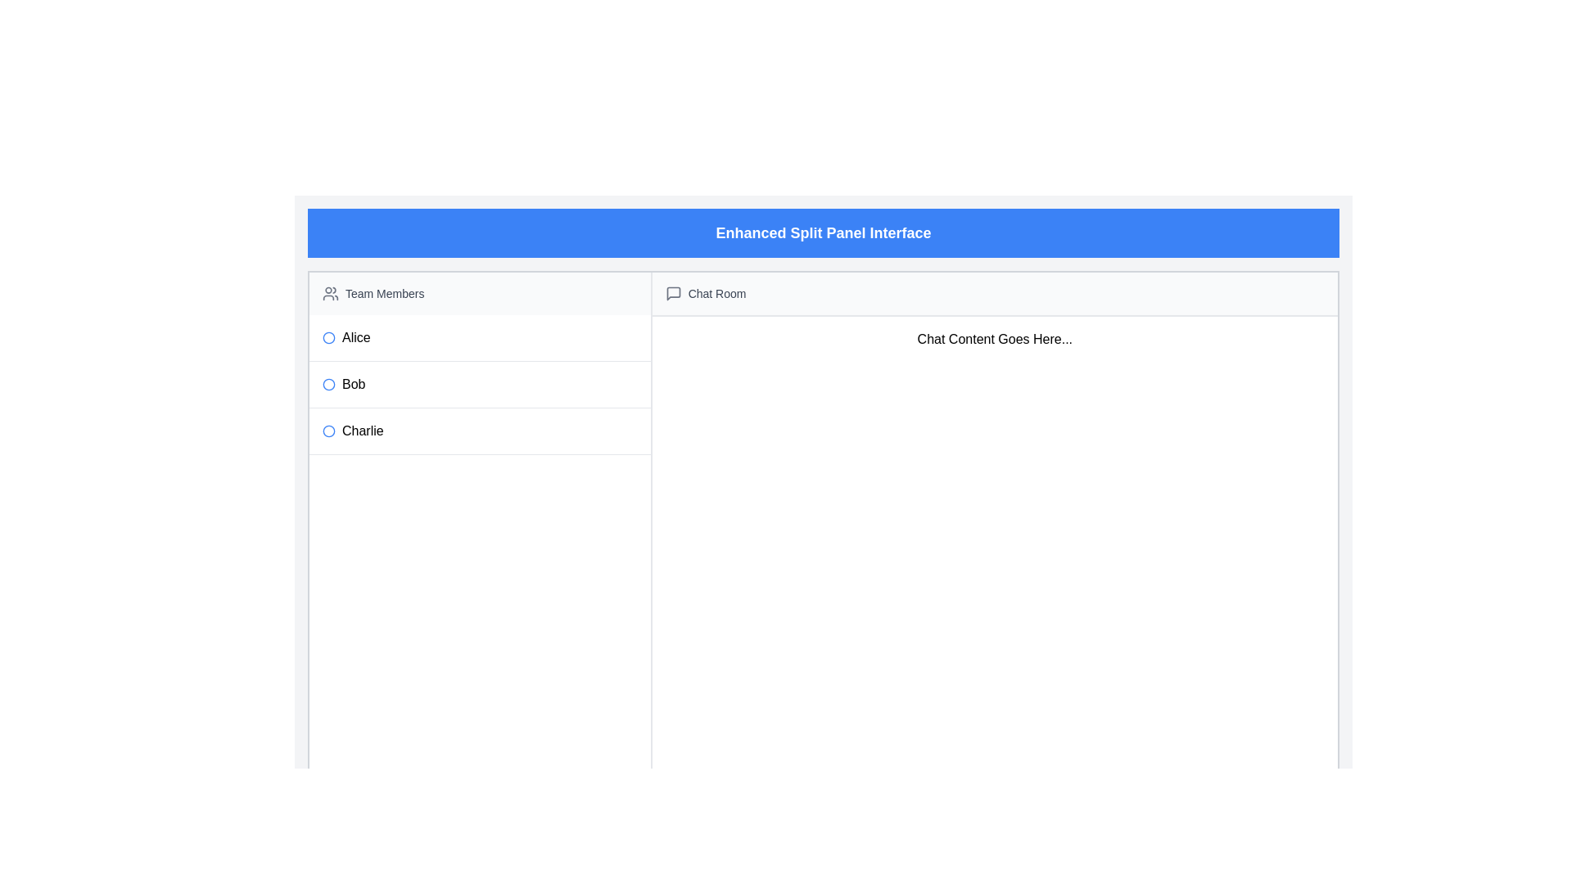 Image resolution: width=1572 pixels, height=884 pixels. Describe the element at coordinates (328, 385) in the screenshot. I see `the selection circle associated with the user entry 'Bob' in the 'Team Members' section` at that location.